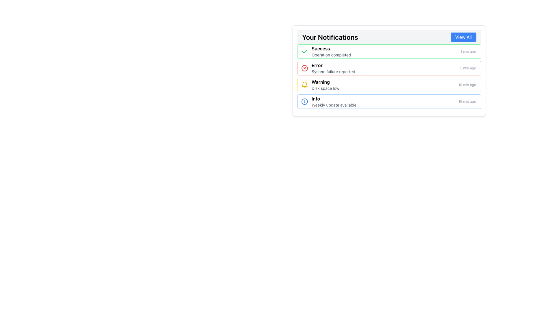  I want to click on the success indicator icon located in the top-left corner of the notifications list, adjacent to the text label 'Success', so click(304, 51).